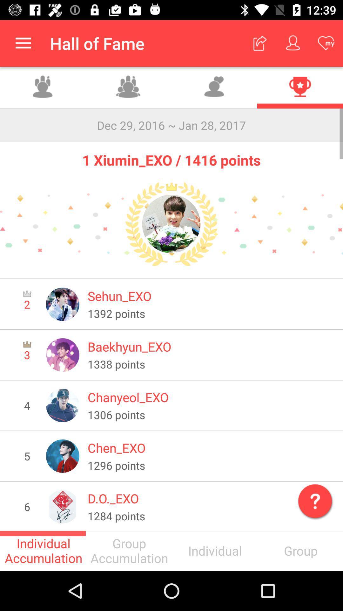 Image resolution: width=343 pixels, height=611 pixels. I want to click on the icon below 1 xiumin_exo 1416 icon, so click(171, 224).